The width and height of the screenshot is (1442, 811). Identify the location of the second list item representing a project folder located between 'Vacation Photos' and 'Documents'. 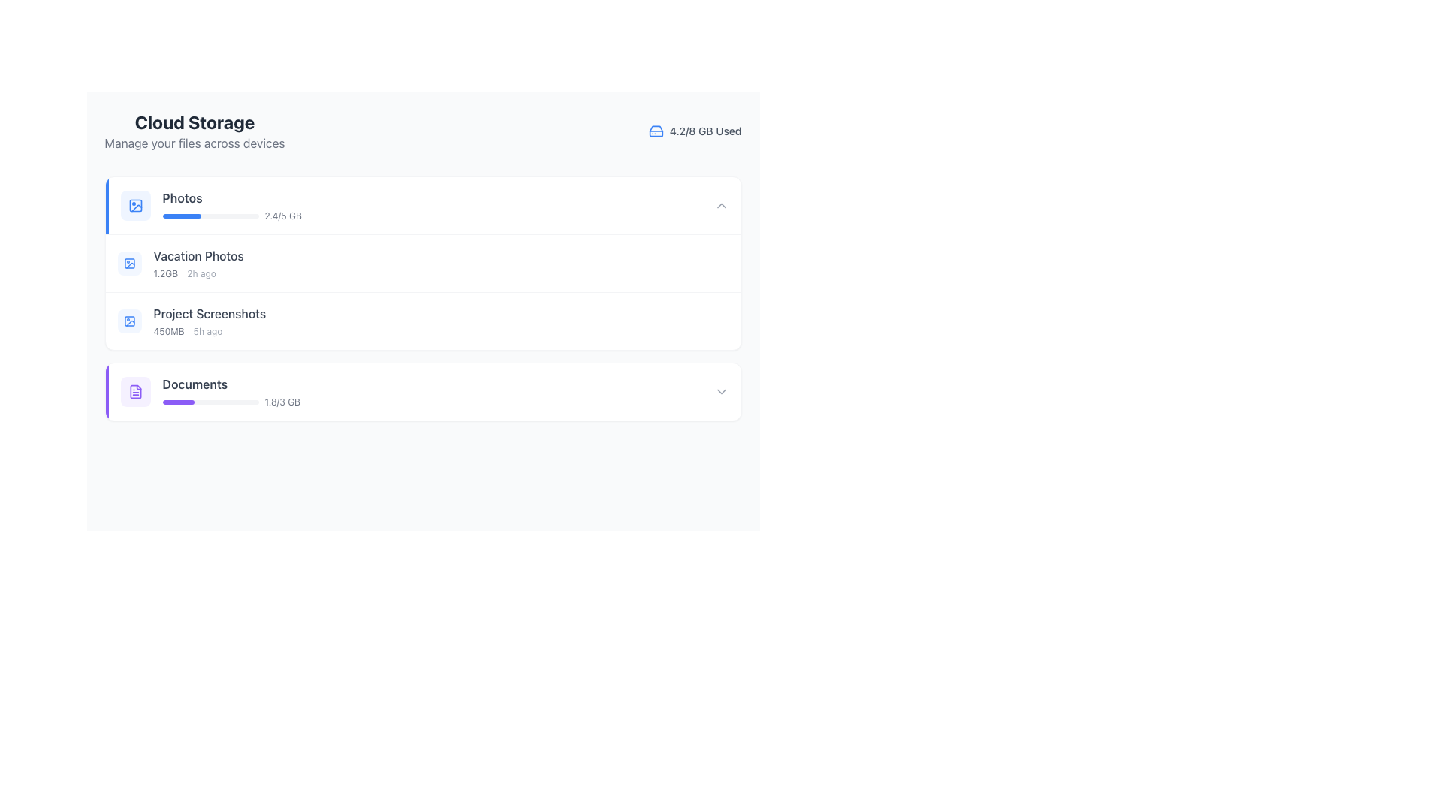
(422, 320).